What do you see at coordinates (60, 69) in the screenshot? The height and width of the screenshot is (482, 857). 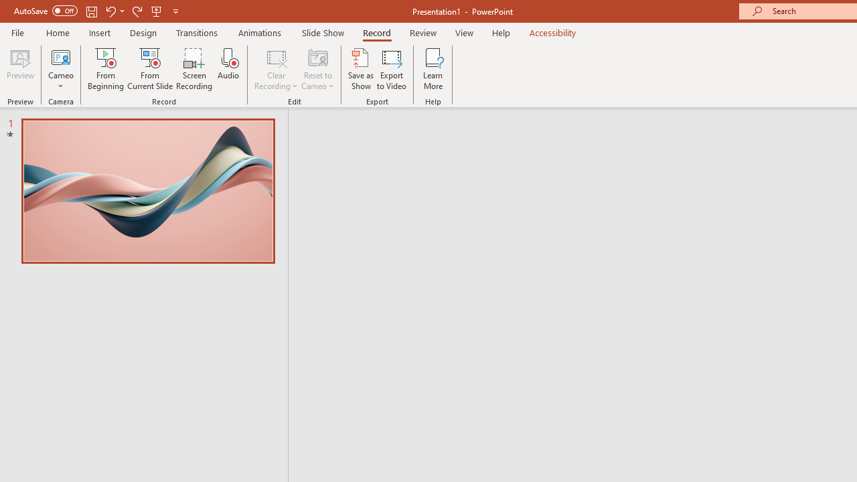 I see `'Cameo'` at bounding box center [60, 69].